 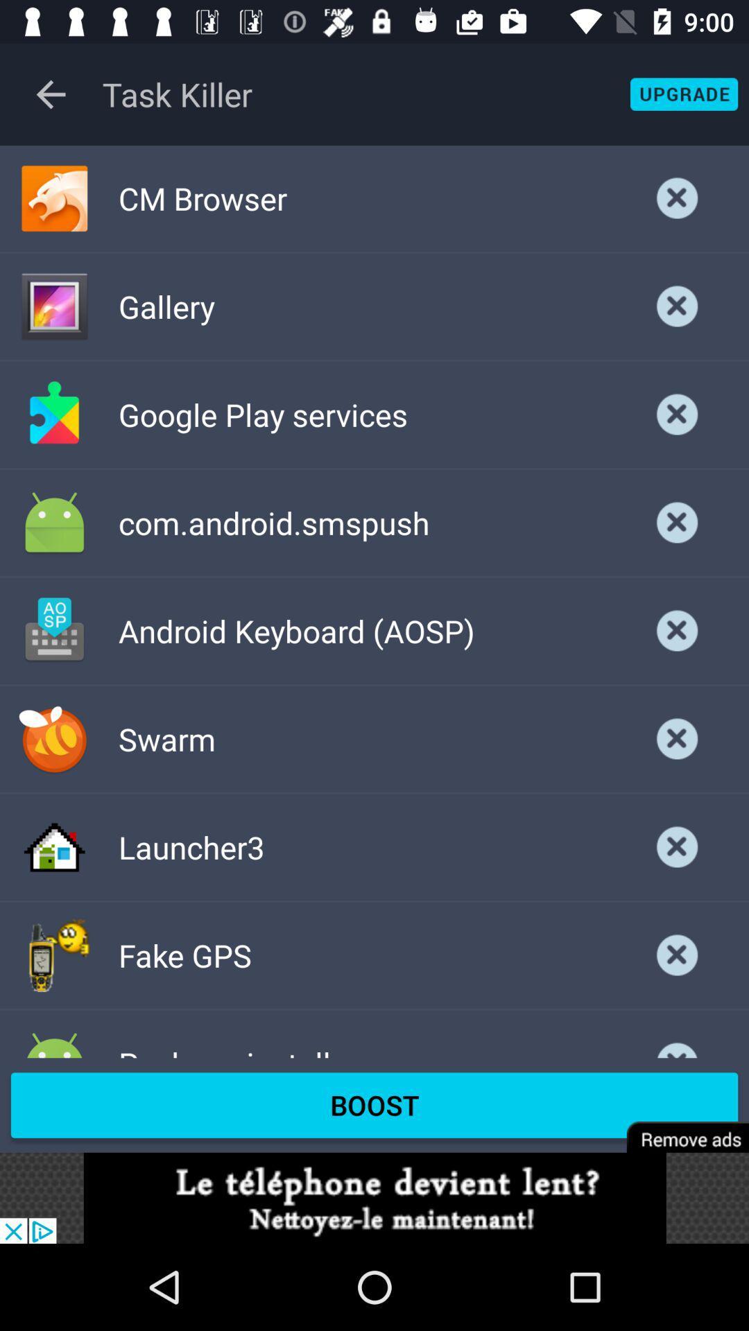 What do you see at coordinates (677, 414) in the screenshot?
I see `x out of this app` at bounding box center [677, 414].